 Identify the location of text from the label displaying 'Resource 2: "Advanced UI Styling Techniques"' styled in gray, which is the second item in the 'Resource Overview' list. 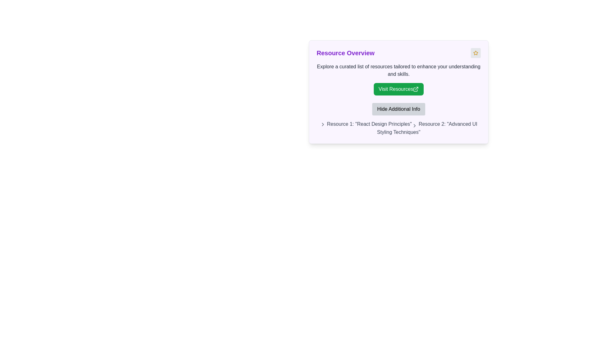
(427, 128).